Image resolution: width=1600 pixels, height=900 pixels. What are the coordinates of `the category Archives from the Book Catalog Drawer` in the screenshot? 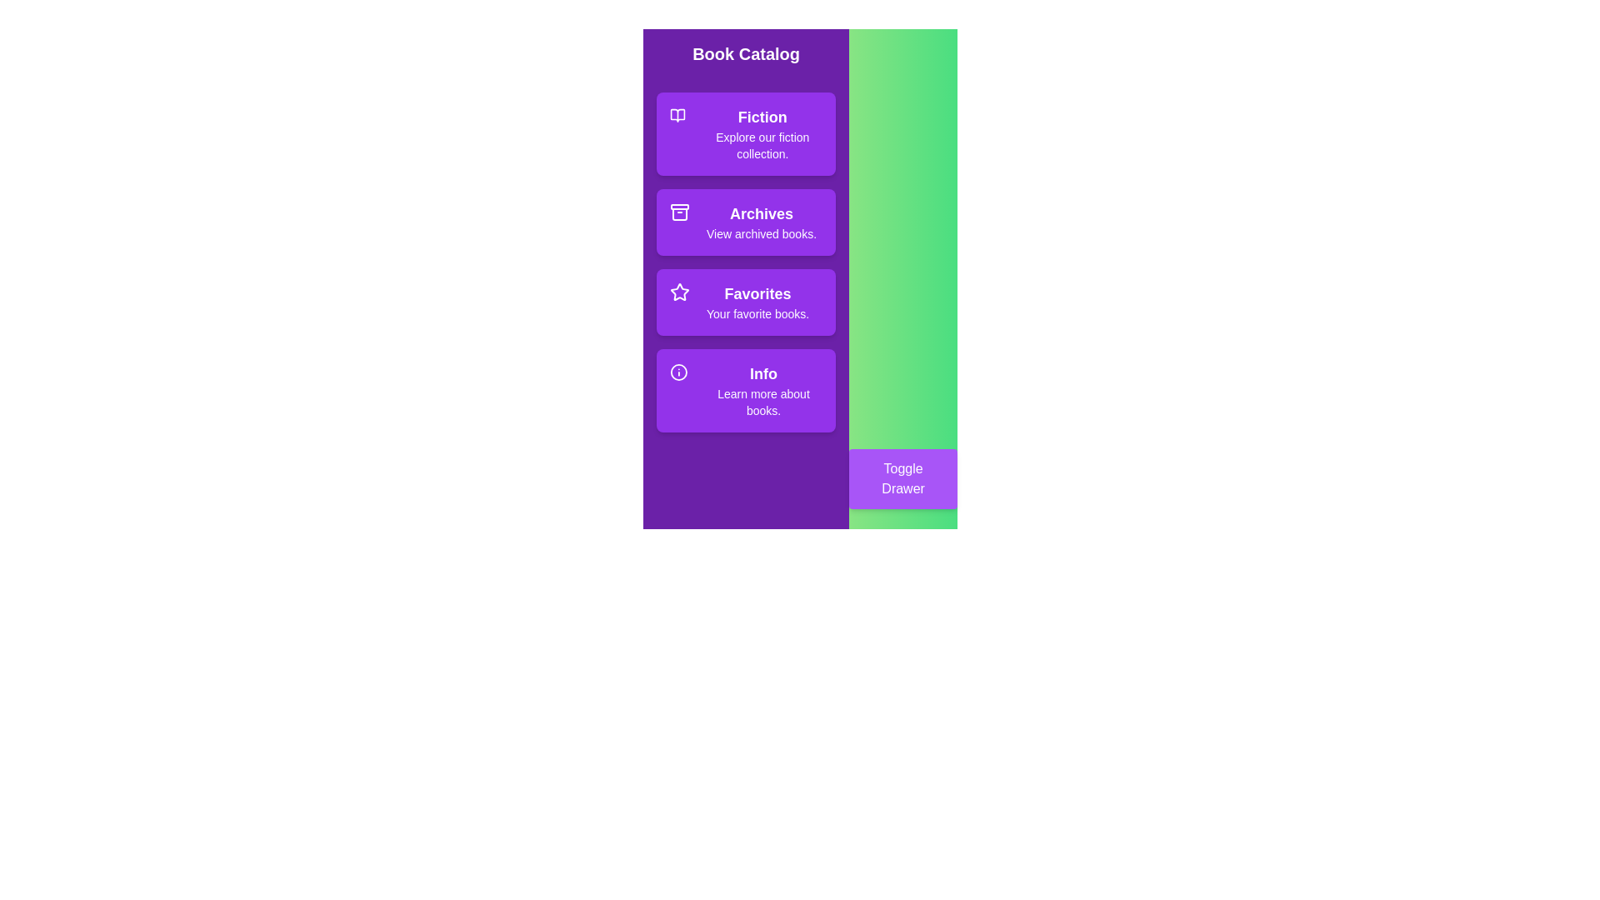 It's located at (745, 221).